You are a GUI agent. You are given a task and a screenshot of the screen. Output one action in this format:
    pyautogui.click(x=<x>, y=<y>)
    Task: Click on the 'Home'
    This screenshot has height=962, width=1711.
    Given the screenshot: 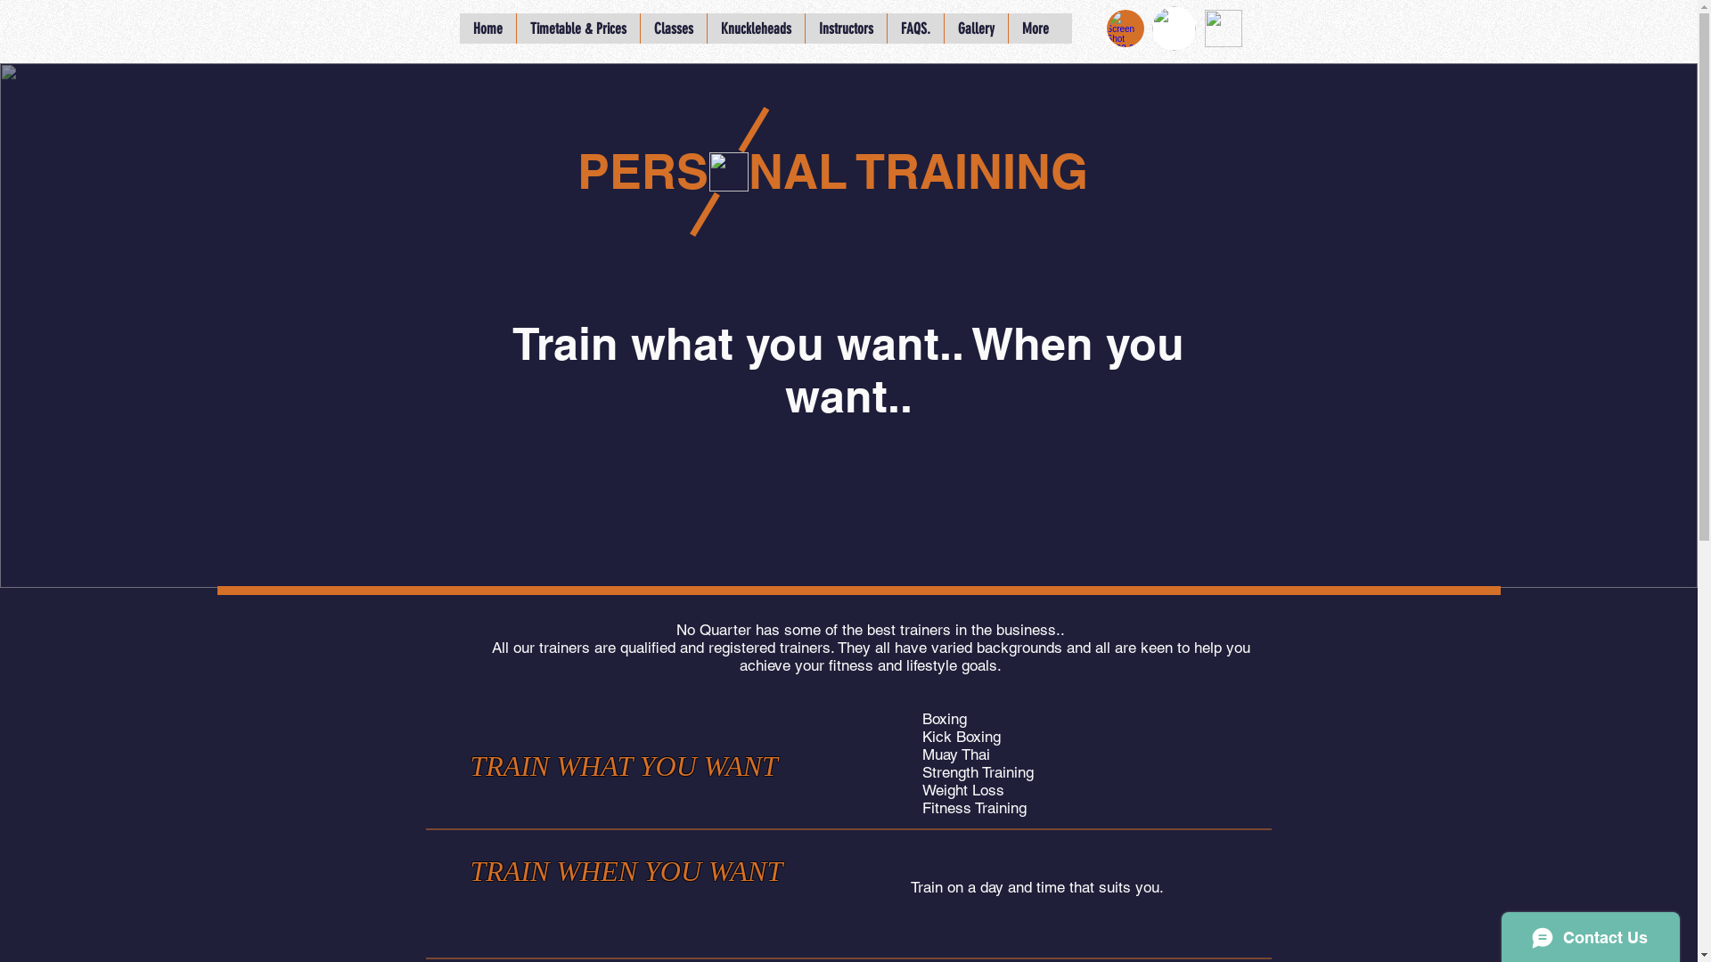 What is the action you would take?
    pyautogui.click(x=487, y=28)
    